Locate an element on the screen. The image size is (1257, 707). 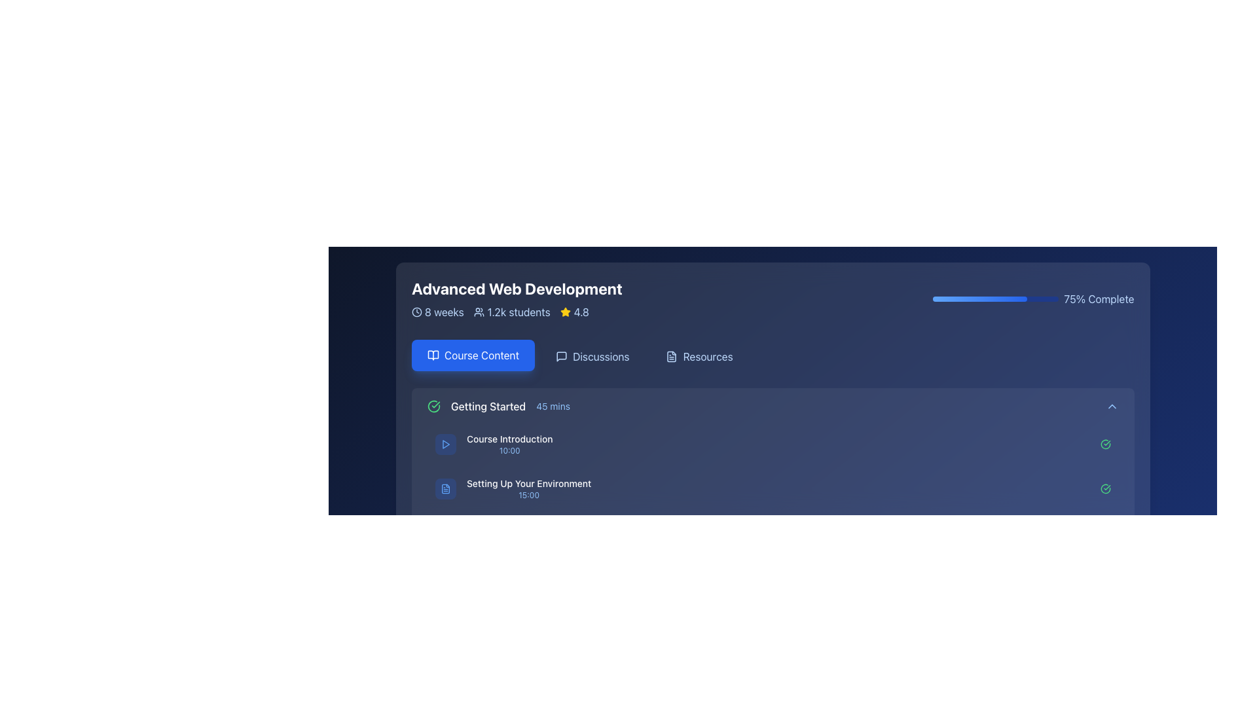
the icon representing the duration of the course, which visually indicates '8 weeks', located at the top-left section of the course details card is located at coordinates (416, 312).